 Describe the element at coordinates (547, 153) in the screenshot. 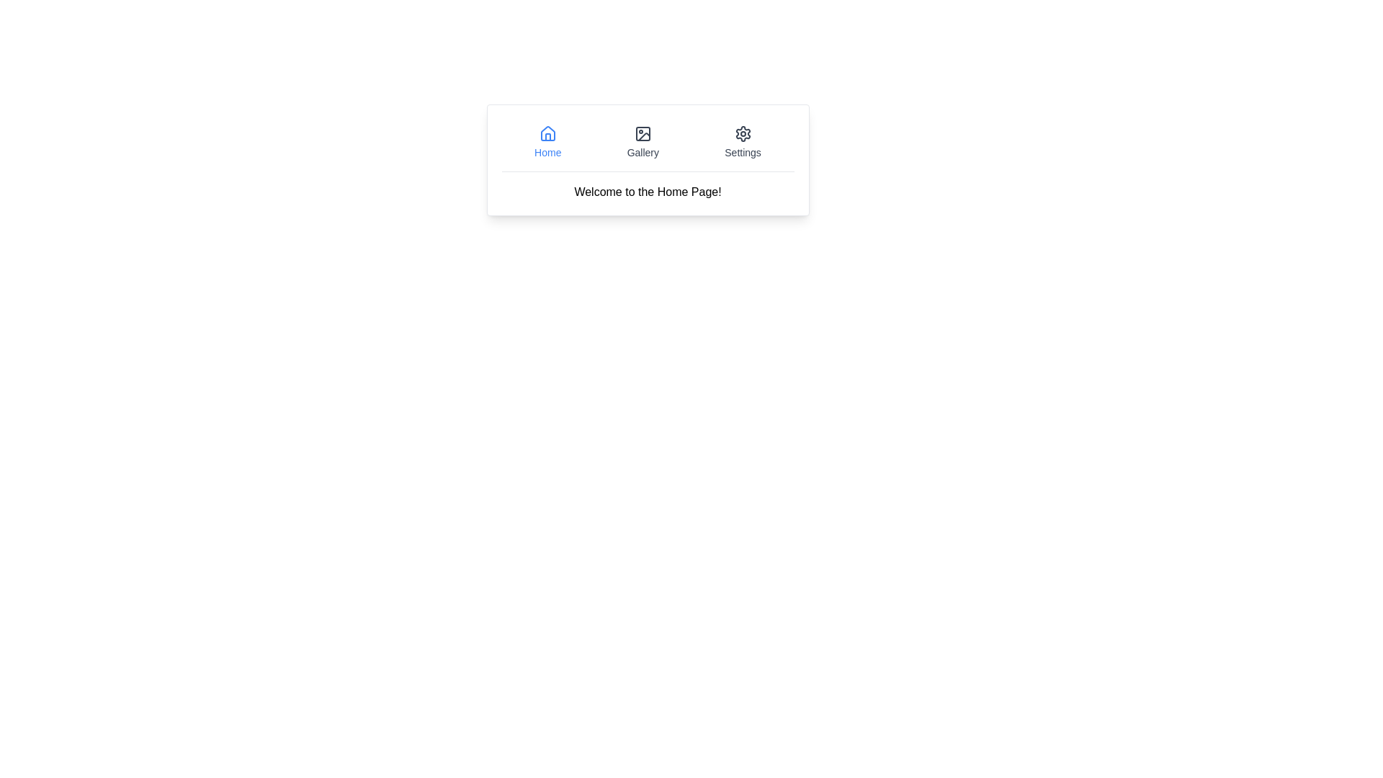

I see `text content of the 'Home' label, which is a smaller light blue text situated below a house icon in the top section of the interface` at that location.